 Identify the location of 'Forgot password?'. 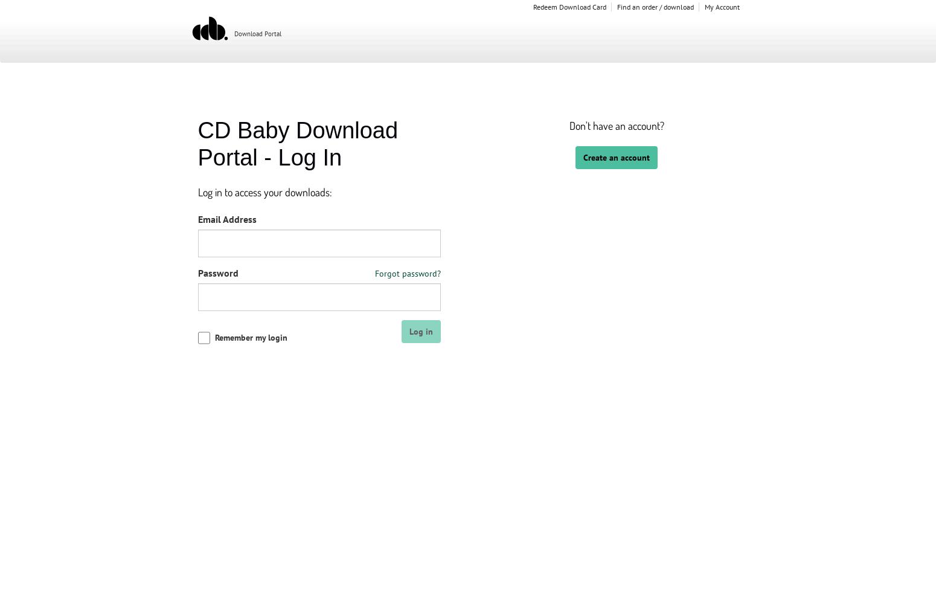
(407, 272).